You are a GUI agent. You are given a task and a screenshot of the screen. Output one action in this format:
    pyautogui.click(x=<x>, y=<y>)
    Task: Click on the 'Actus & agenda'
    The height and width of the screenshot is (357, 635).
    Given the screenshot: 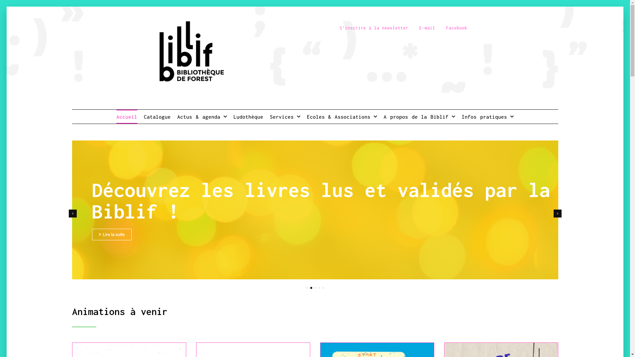 What is the action you would take?
    pyautogui.click(x=201, y=116)
    